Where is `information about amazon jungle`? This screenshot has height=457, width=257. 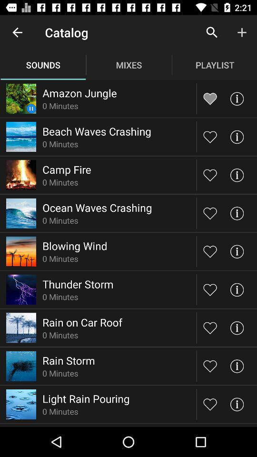
information about amazon jungle is located at coordinates (236, 99).